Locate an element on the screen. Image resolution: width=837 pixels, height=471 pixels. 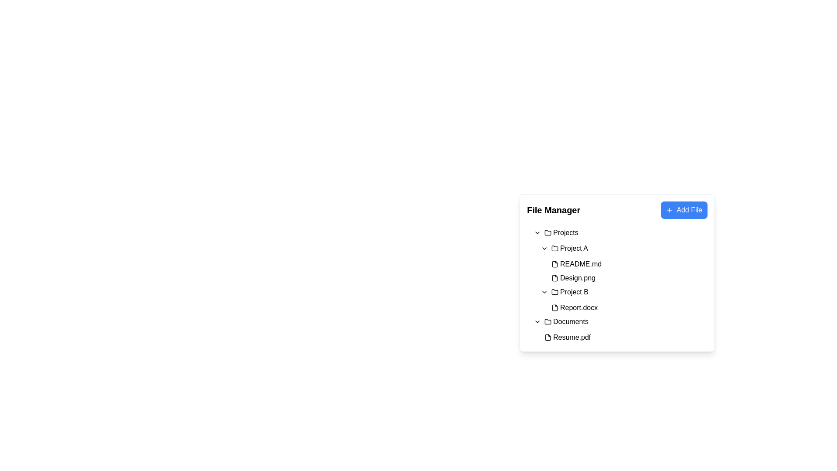
the toggle button located to the left of the 'Documents' label is located at coordinates (537, 321).